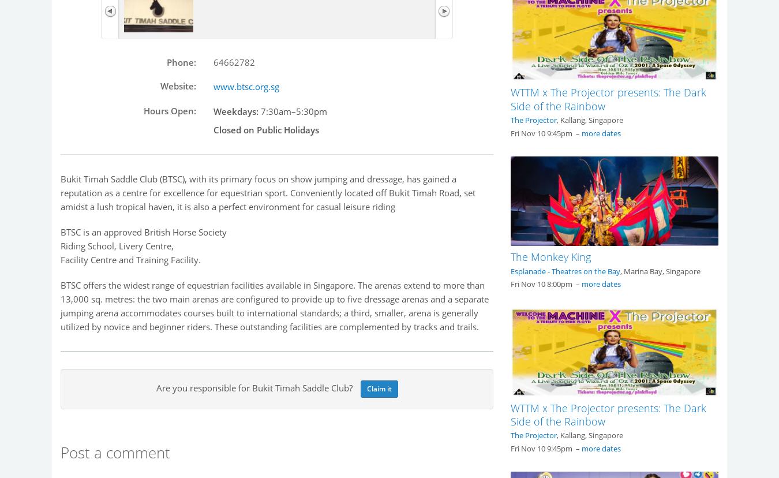  What do you see at coordinates (511, 283) in the screenshot?
I see `'Fri Nov 10 8:00pm'` at bounding box center [511, 283].